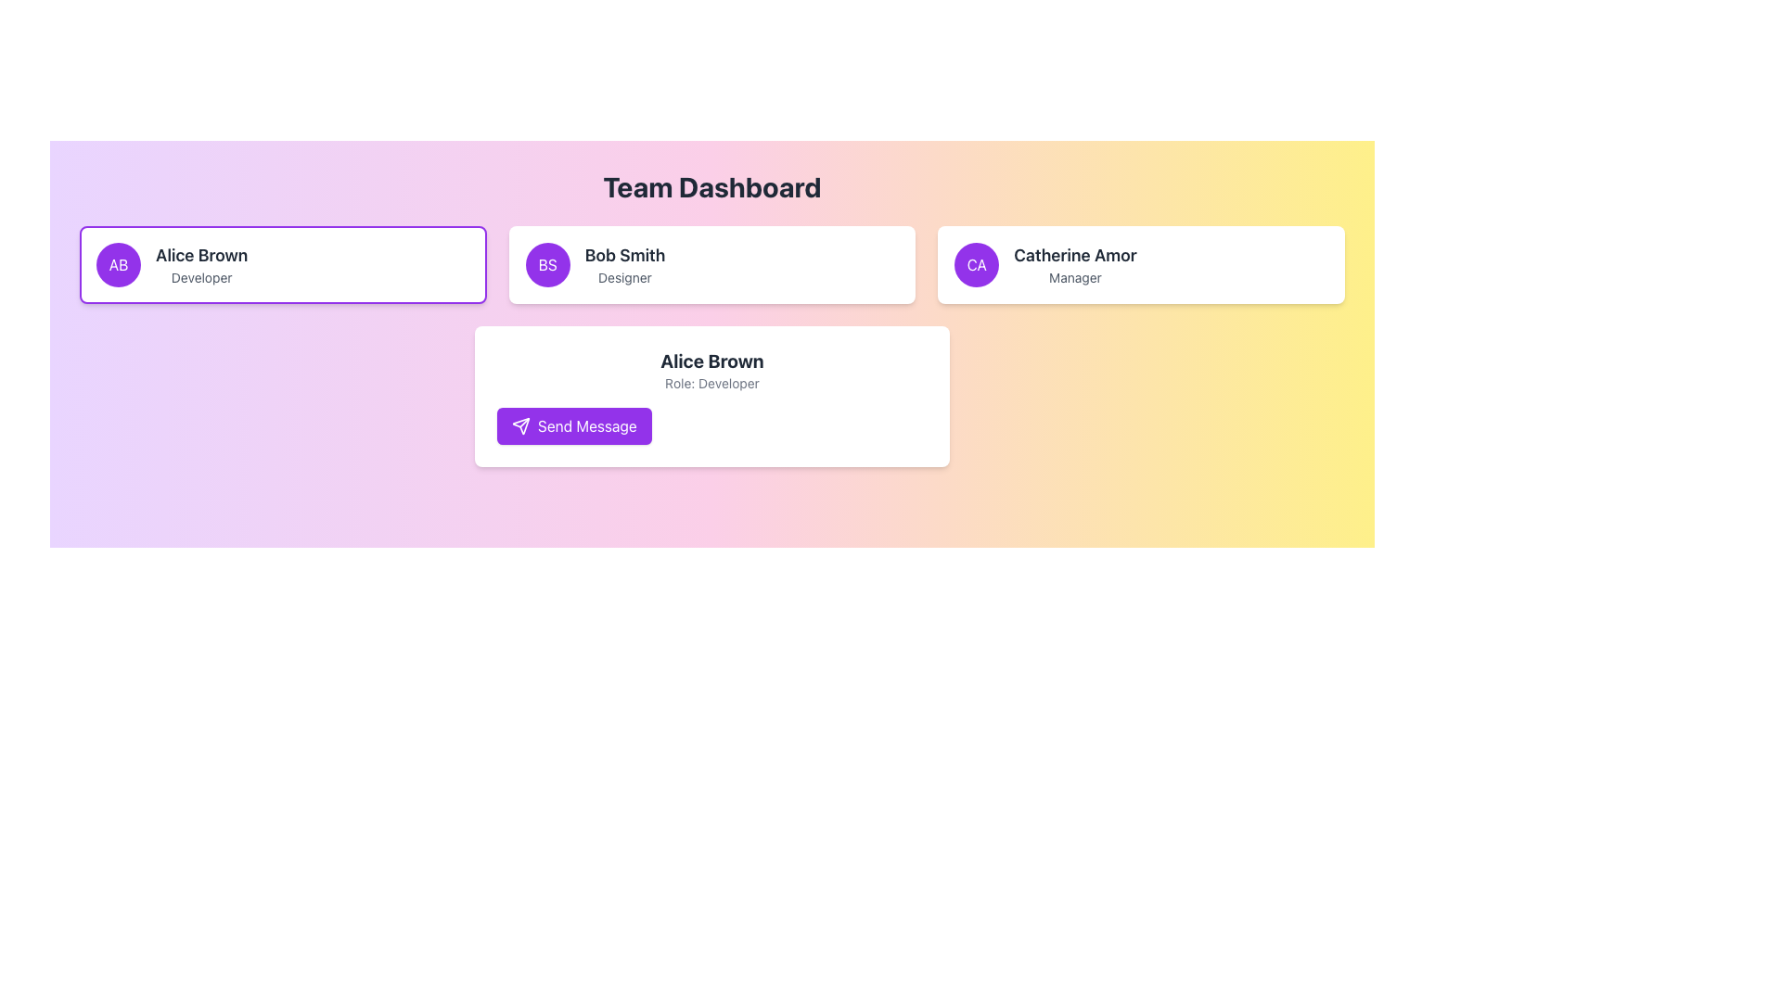 The height and width of the screenshot is (1001, 1781). Describe the element at coordinates (201, 264) in the screenshot. I see `text block displaying the name and job title of the team member, located in the leftmost card of the layout, positioned to the right of a purple circle containing 'AB'` at that location.